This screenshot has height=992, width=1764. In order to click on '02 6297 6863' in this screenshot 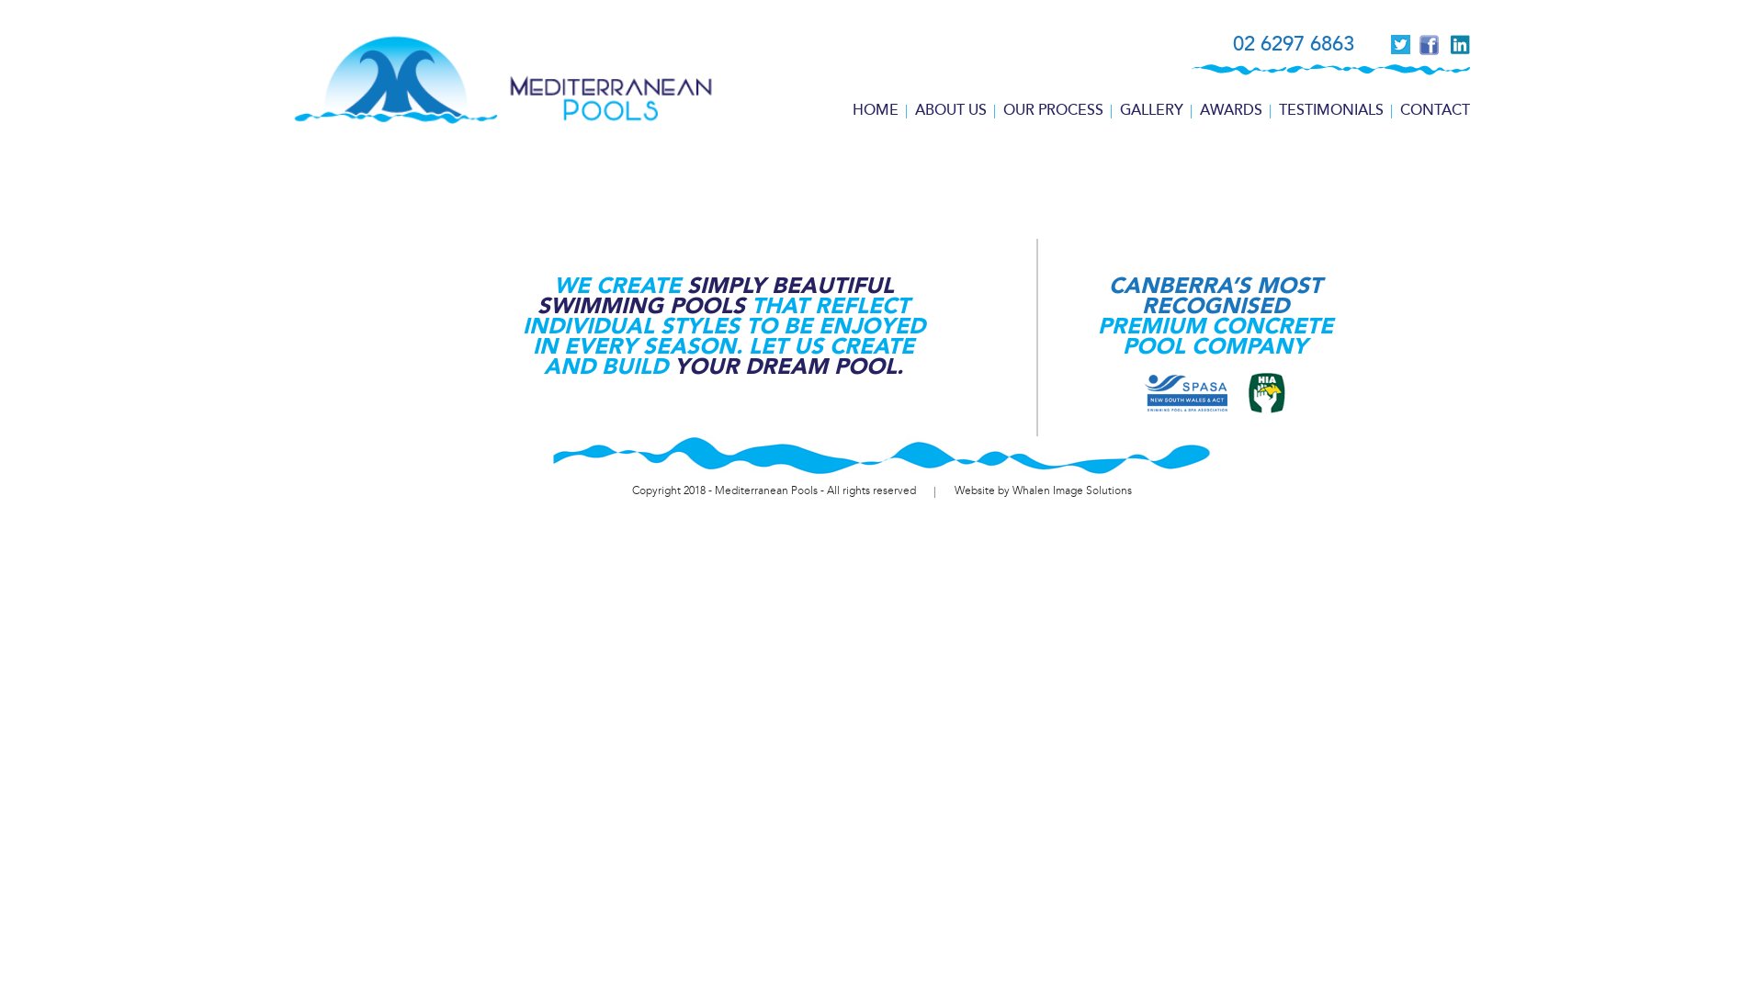, I will do `click(1233, 43)`.